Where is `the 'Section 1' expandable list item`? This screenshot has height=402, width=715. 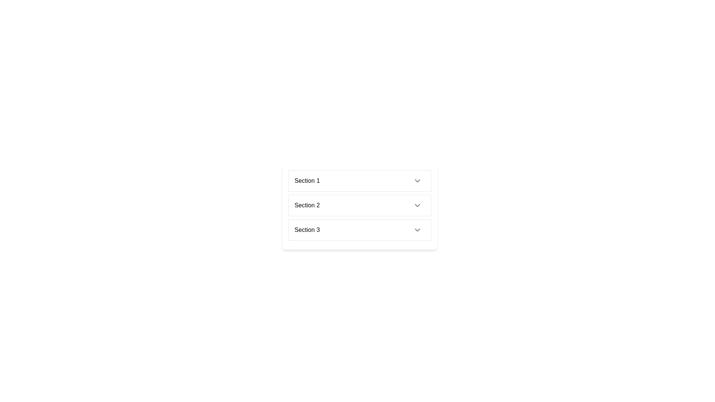
the 'Section 1' expandable list item is located at coordinates (359, 182).